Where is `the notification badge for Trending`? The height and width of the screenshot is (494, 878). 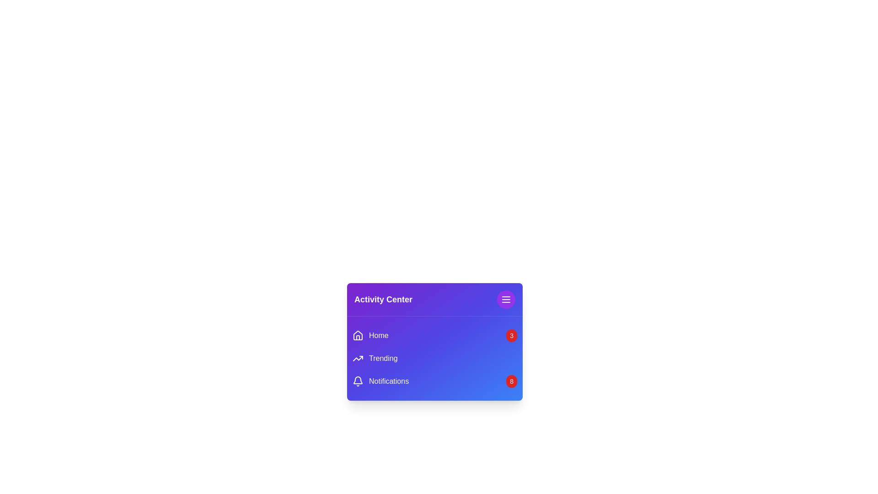 the notification badge for Trending is located at coordinates (511, 358).